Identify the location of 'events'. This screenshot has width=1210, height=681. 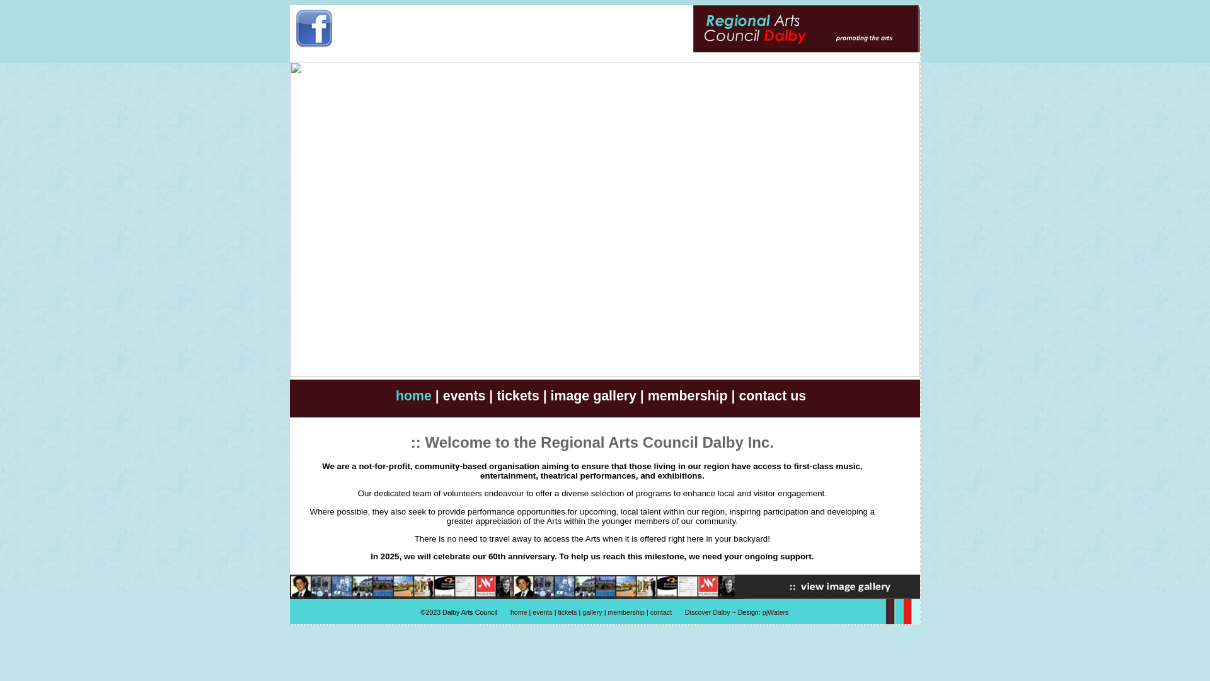
(464, 395).